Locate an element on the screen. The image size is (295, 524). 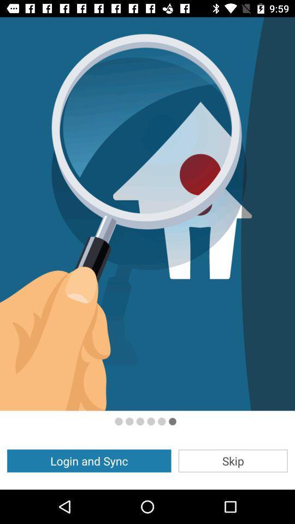
the skip item is located at coordinates (232, 460).